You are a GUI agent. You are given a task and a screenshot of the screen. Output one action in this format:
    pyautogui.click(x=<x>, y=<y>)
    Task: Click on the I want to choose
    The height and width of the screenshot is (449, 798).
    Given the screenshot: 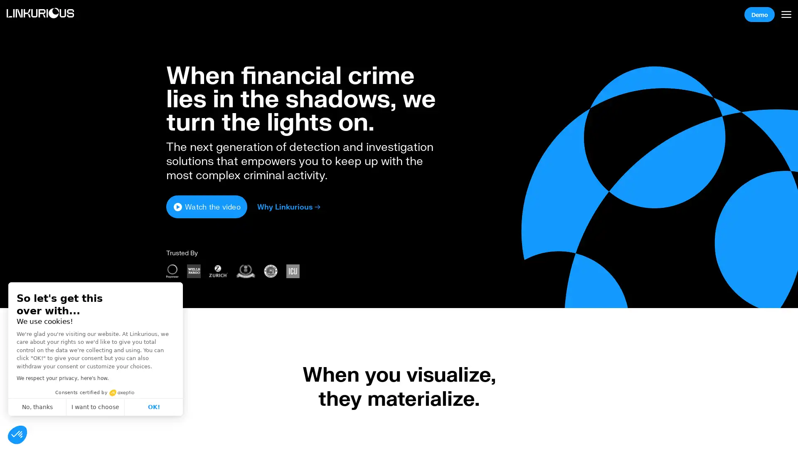 What is the action you would take?
    pyautogui.click(x=96, y=407)
    